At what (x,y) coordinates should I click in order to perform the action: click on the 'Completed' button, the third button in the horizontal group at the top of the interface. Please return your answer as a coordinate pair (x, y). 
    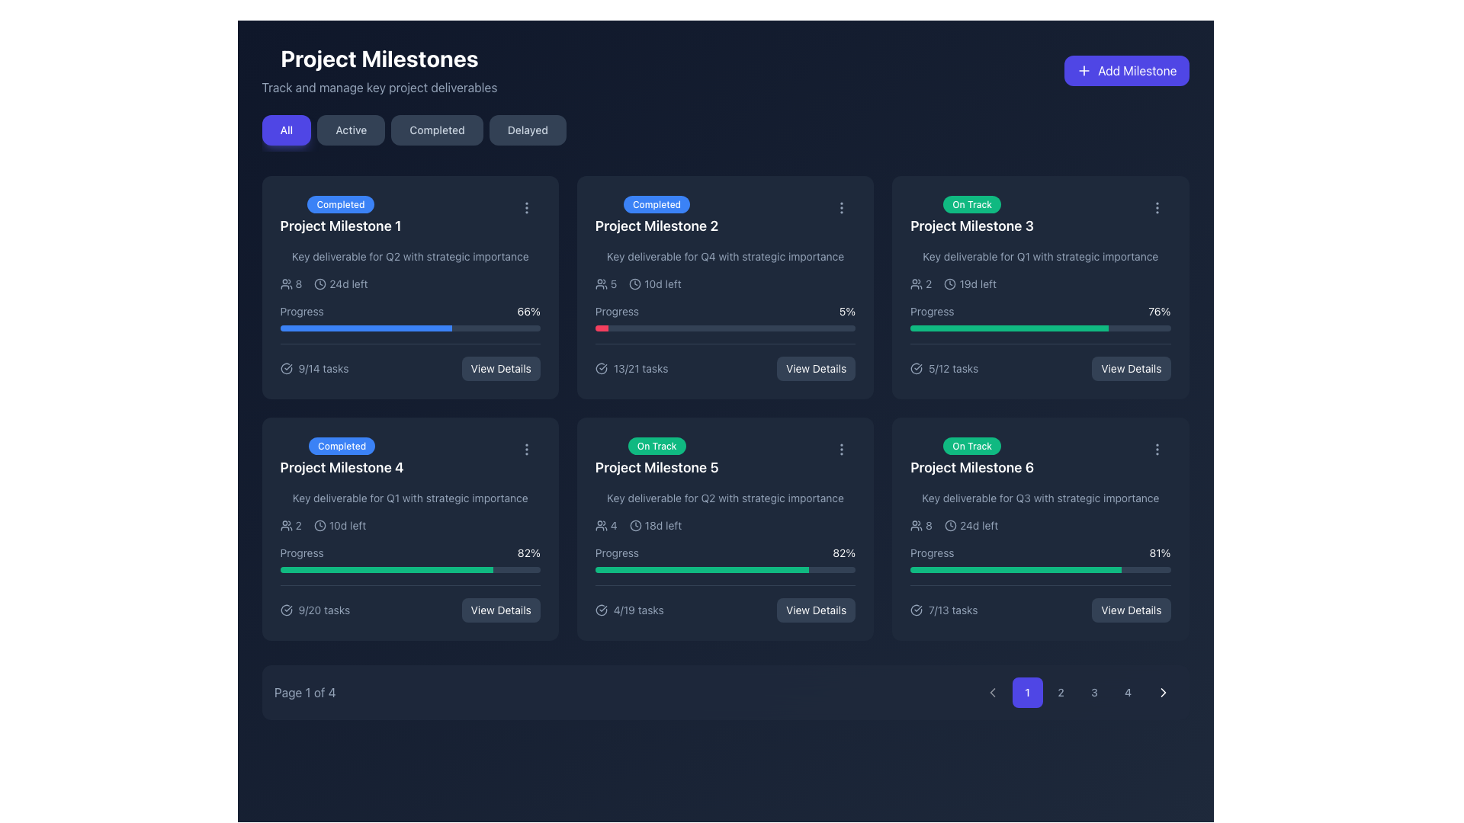
    Looking at the image, I should click on (436, 129).